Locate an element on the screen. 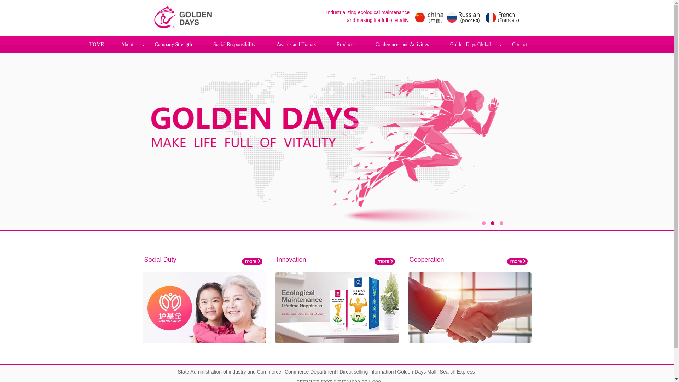 This screenshot has width=679, height=382. 'Social Responsibility' is located at coordinates (234, 45).